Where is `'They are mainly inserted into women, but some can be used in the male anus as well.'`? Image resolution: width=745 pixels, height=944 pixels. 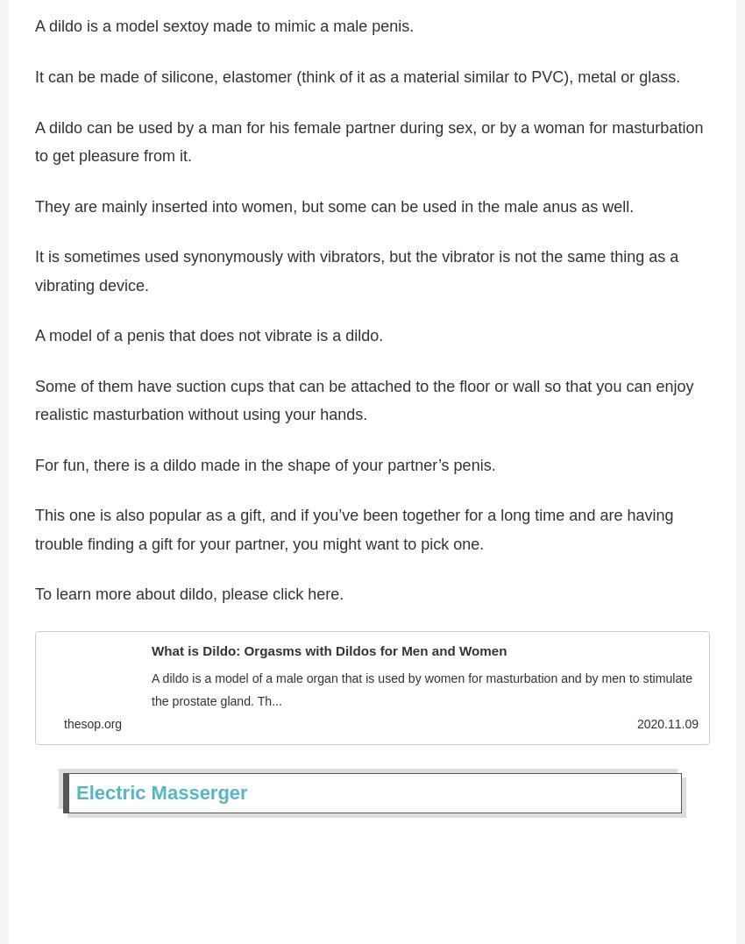 'They are mainly inserted into women, but some can be used in the male anus as well.' is located at coordinates (333, 212).